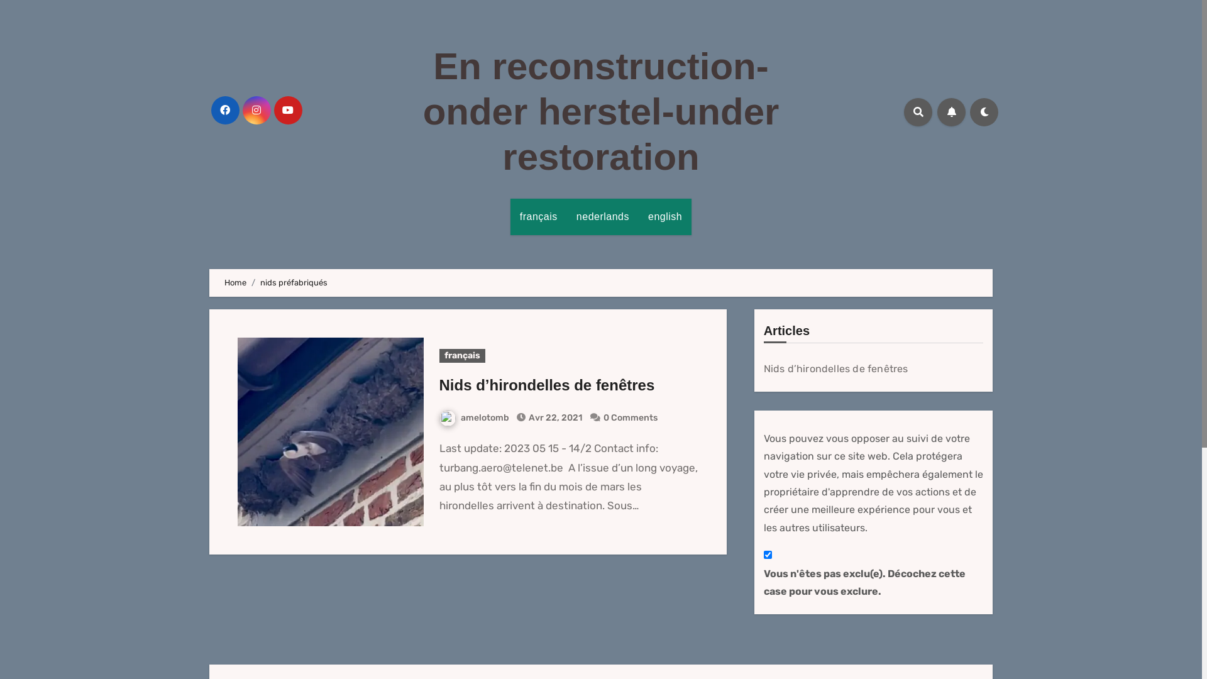  What do you see at coordinates (631, 417) in the screenshot?
I see `'0 Comments'` at bounding box center [631, 417].